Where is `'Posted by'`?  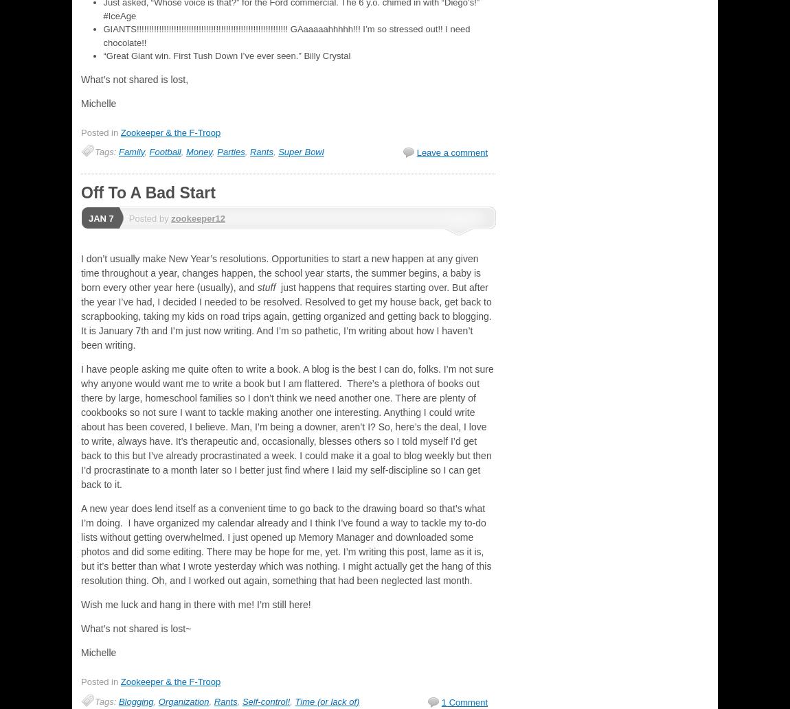
'Posted by' is located at coordinates (127, 218).